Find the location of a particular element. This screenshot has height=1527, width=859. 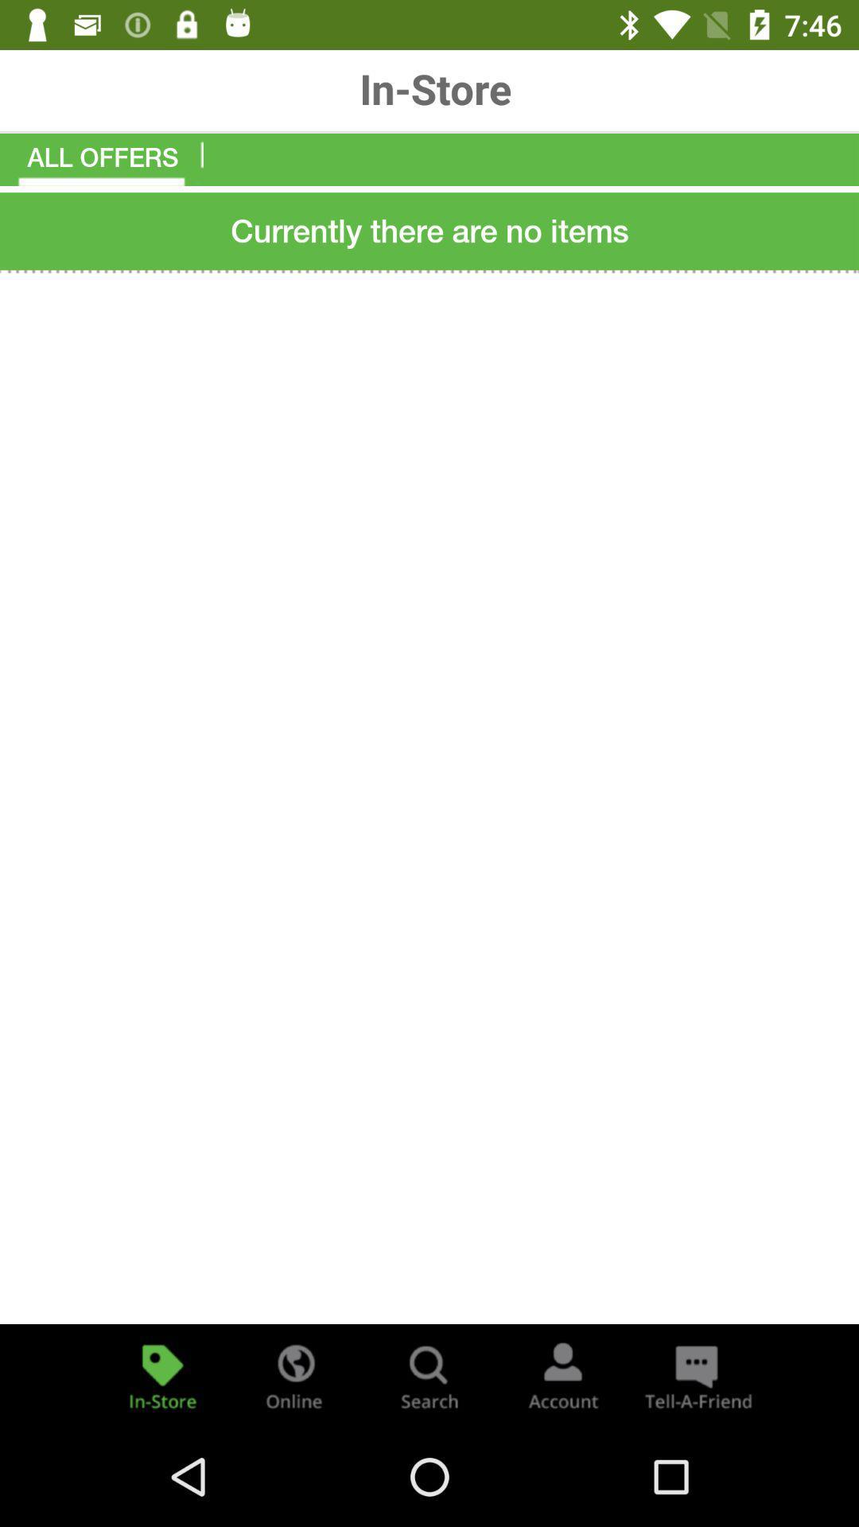

text a friend is located at coordinates (695, 1374).